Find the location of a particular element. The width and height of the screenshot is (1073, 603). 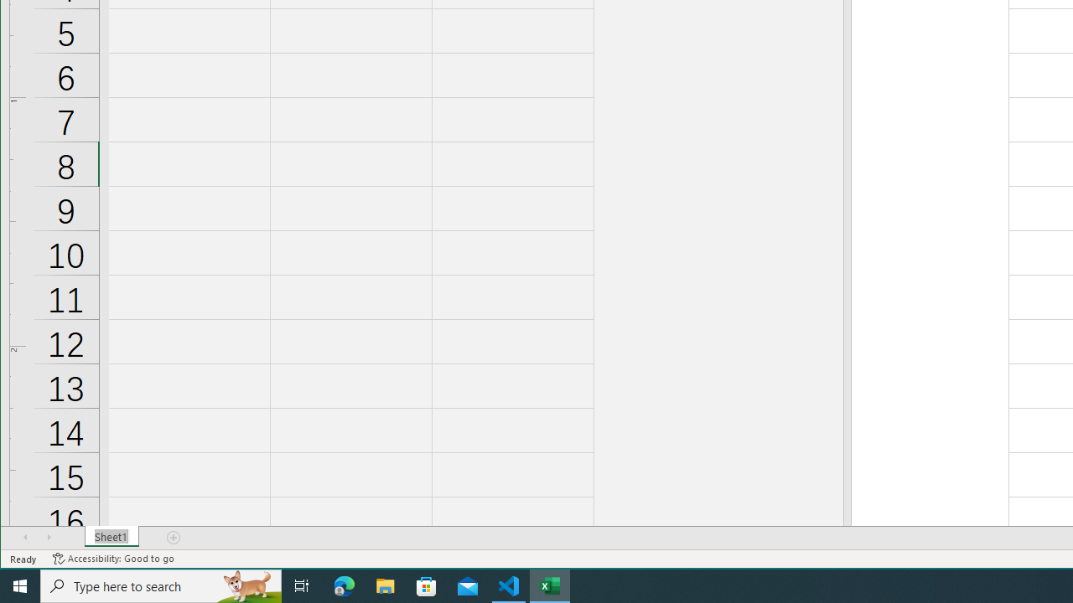

'Microsoft Edge' is located at coordinates (344, 585).